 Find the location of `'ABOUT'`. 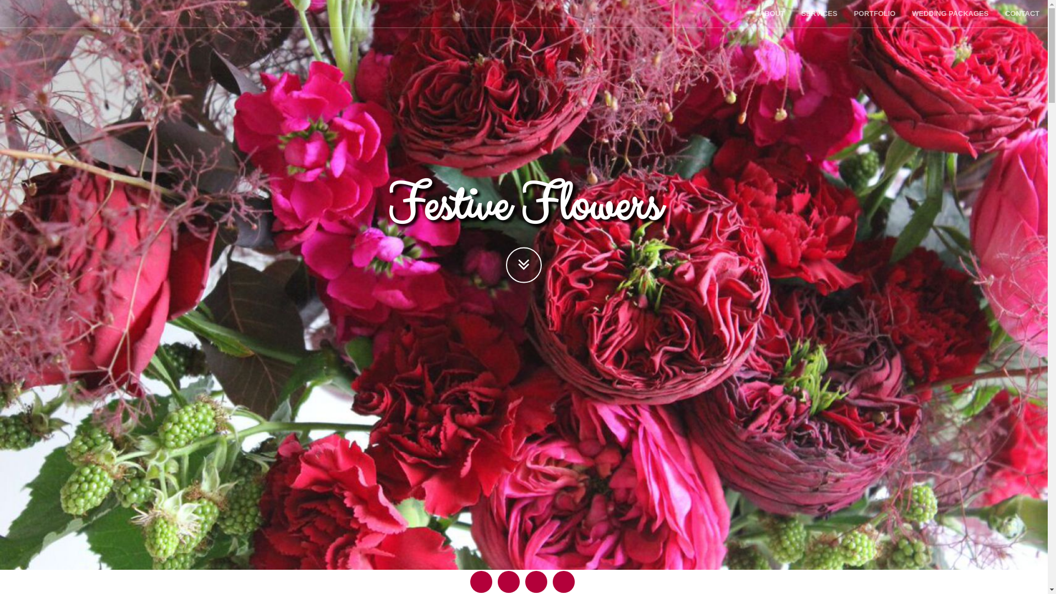

'ABOUT' is located at coordinates (771, 13).